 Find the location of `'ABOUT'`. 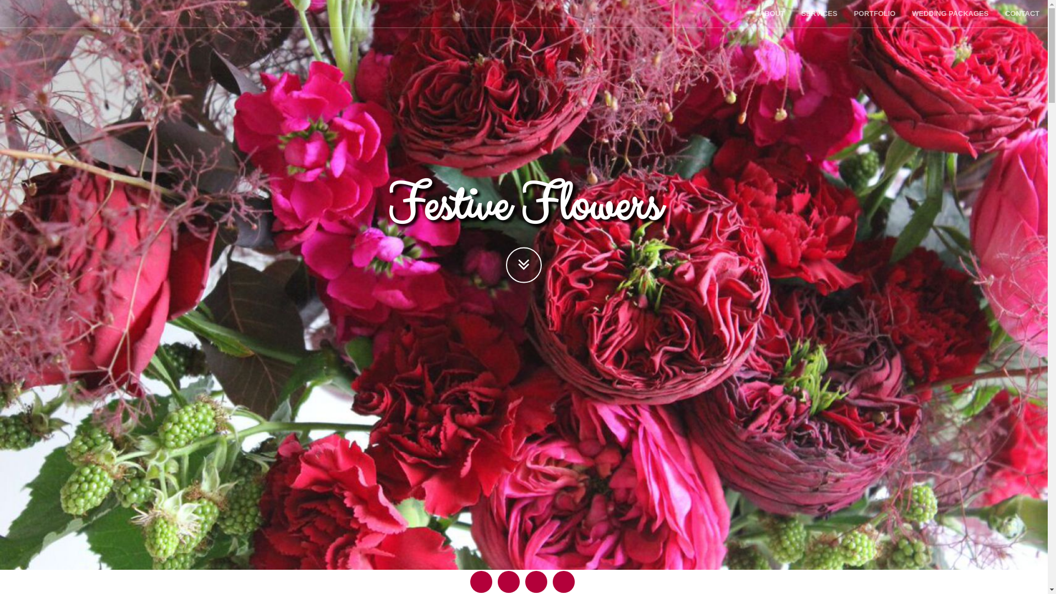

'ABOUT' is located at coordinates (771, 13).